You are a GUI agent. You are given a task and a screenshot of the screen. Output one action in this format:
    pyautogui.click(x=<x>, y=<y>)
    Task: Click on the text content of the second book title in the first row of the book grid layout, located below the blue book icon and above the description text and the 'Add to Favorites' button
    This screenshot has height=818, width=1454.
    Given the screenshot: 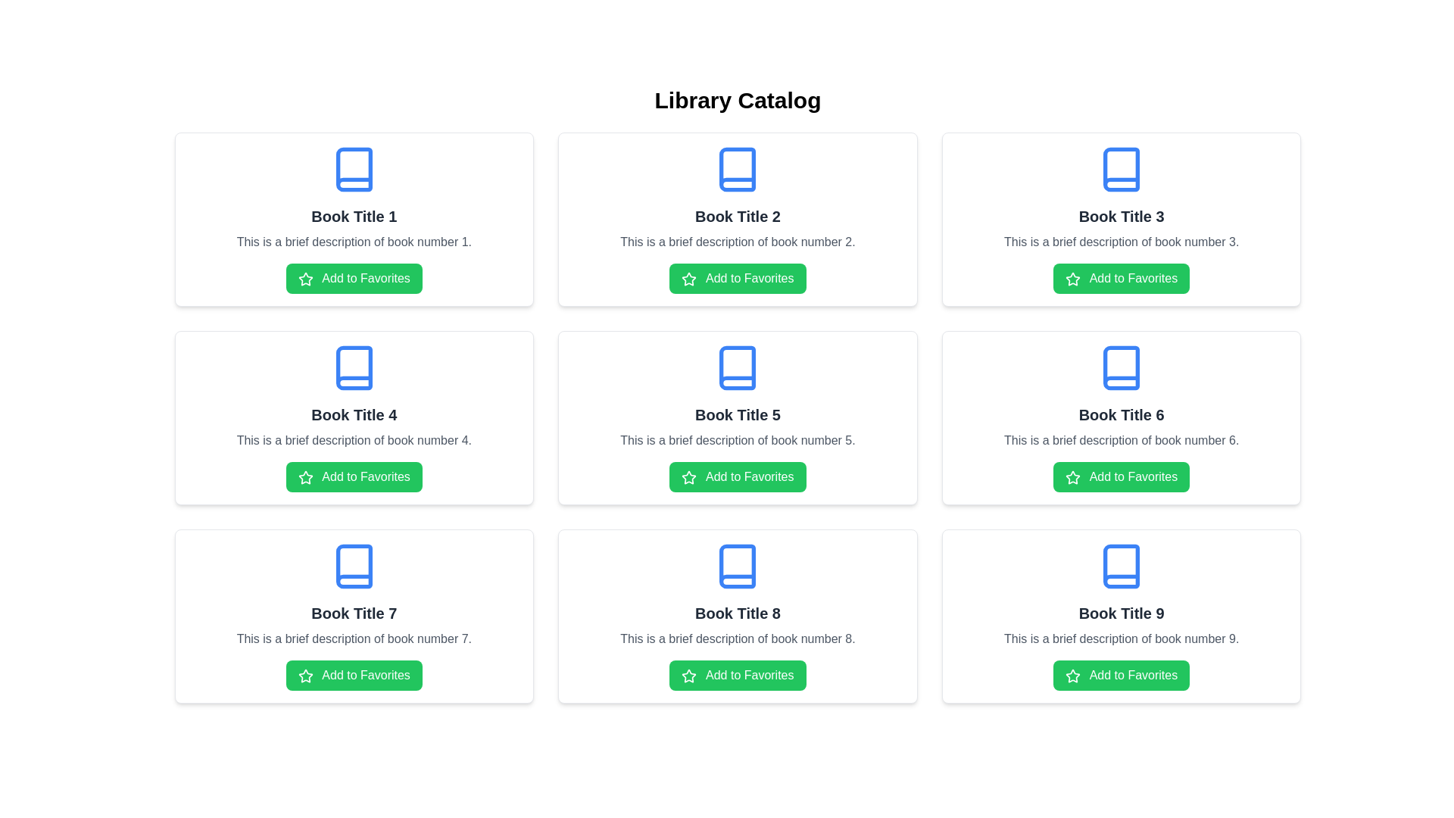 What is the action you would take?
    pyautogui.click(x=738, y=216)
    